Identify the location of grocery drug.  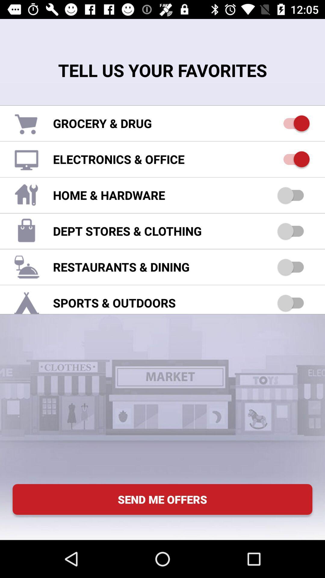
(293, 123).